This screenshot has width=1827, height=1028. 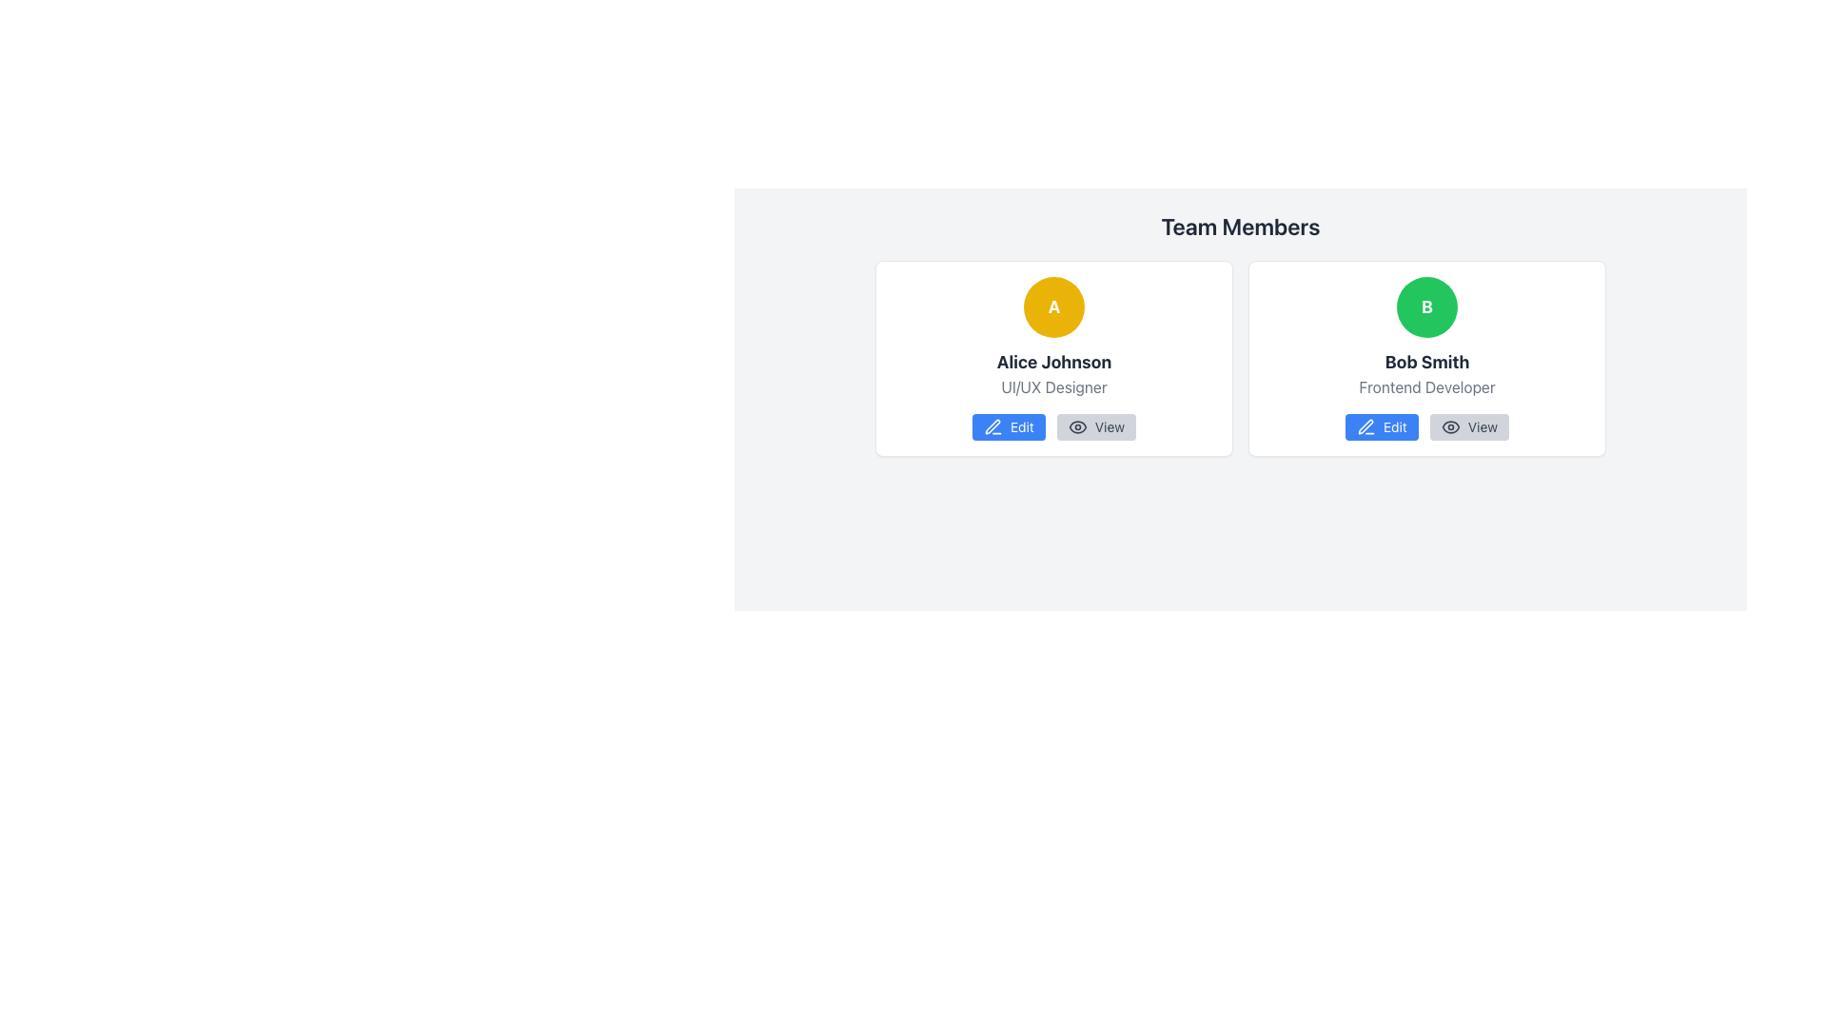 I want to click on the static label displaying 'UI/UX Designer' in gray font, which is located beneath the name 'Alice Johnson' within the first card of team member information, so click(x=1053, y=386).